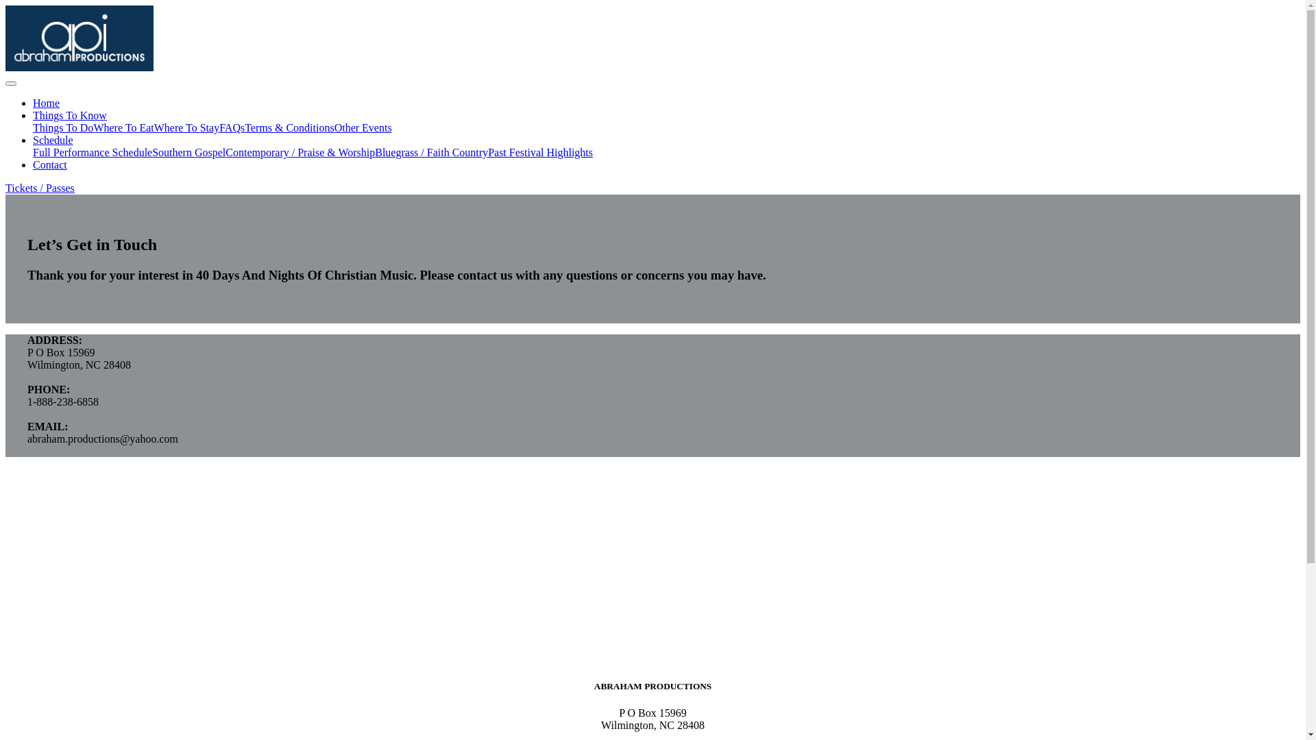 The height and width of the screenshot is (740, 1316). Describe the element at coordinates (219, 127) in the screenshot. I see `'FAQs'` at that location.